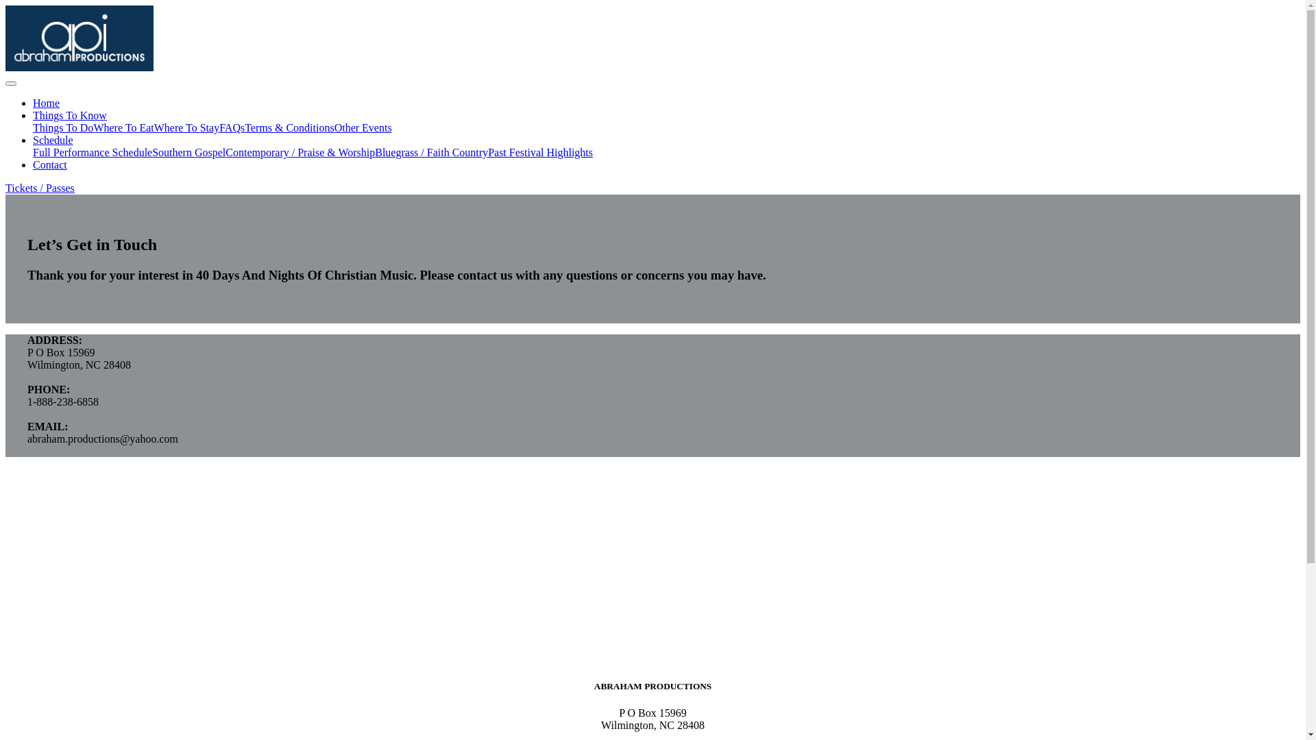 The height and width of the screenshot is (740, 1316). Describe the element at coordinates (219, 127) in the screenshot. I see `'FAQs'` at that location.